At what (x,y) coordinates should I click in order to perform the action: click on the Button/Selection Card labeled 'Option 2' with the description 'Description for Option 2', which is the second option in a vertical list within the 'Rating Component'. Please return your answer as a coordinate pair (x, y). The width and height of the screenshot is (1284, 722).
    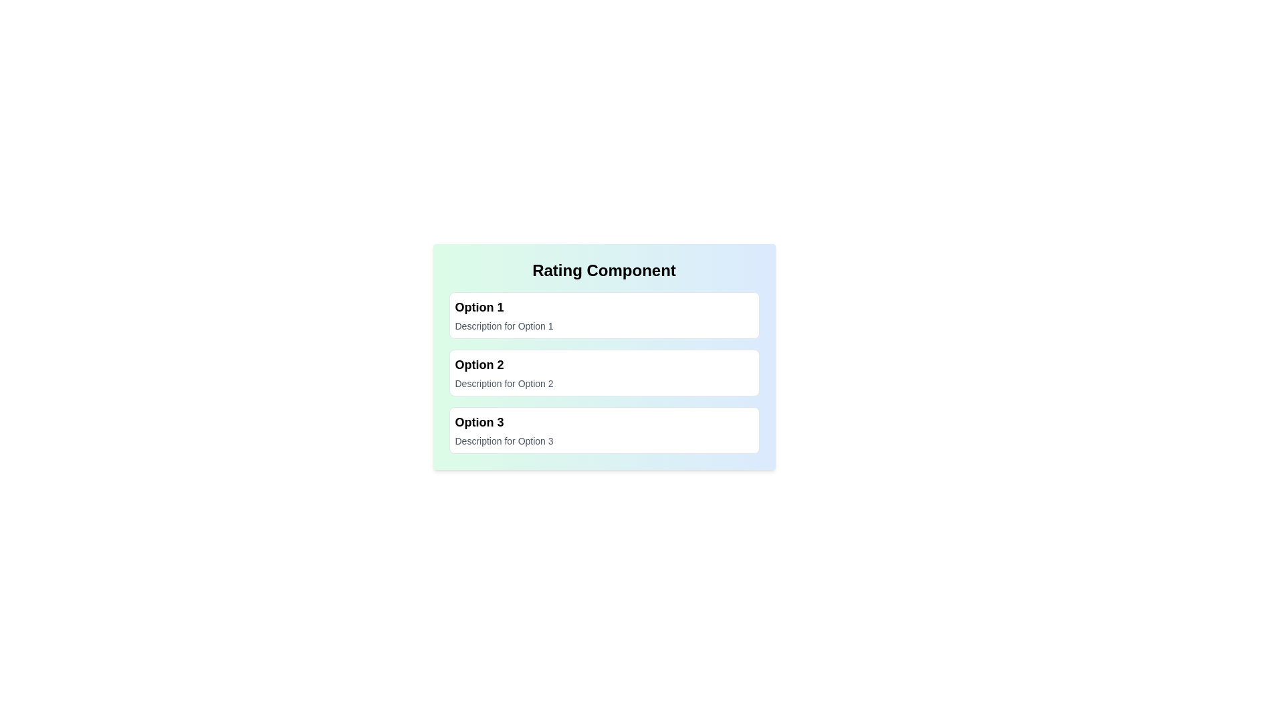
    Looking at the image, I should click on (603, 373).